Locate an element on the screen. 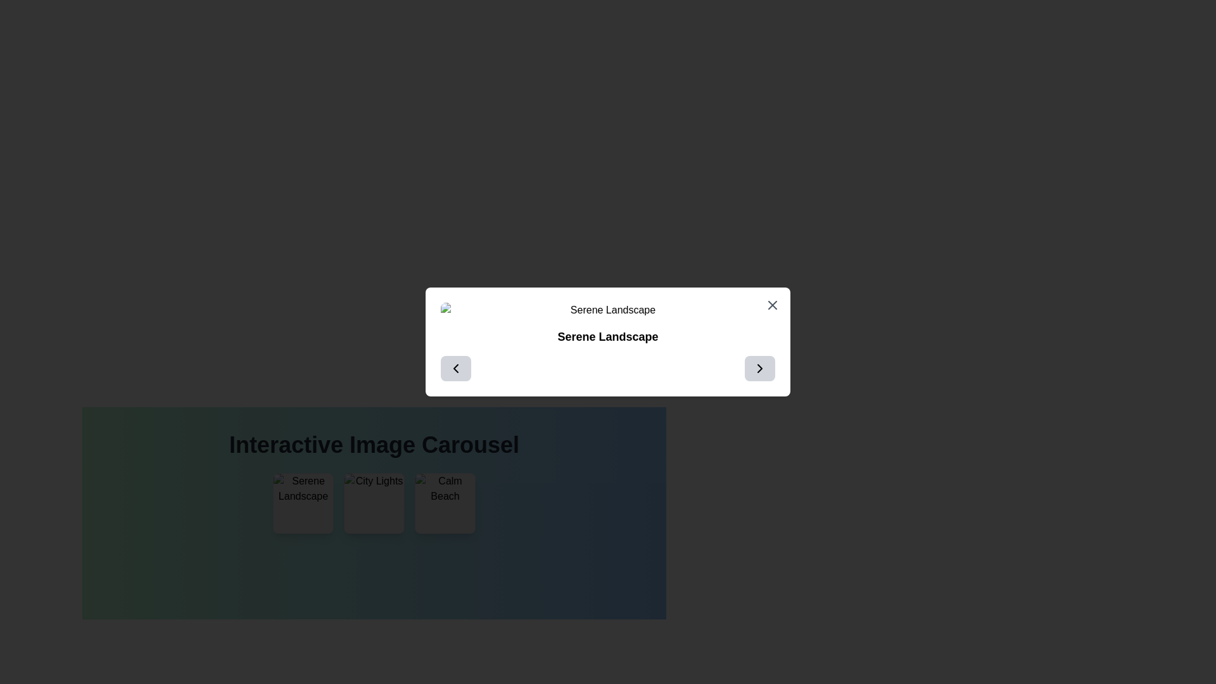 The width and height of the screenshot is (1216, 684). the second image in the carousel to interact with it and view more details is located at coordinates (373, 502).